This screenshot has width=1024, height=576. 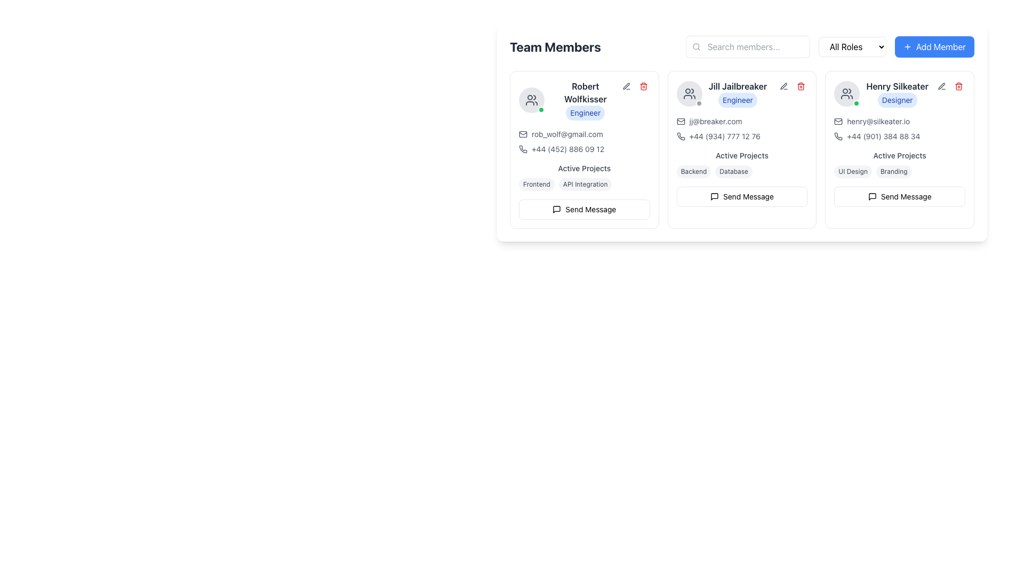 What do you see at coordinates (801, 86) in the screenshot?
I see `the delete button located in the top-right corner of the second user profile card for Jill Jailbreaker to initiate the deletion action` at bounding box center [801, 86].